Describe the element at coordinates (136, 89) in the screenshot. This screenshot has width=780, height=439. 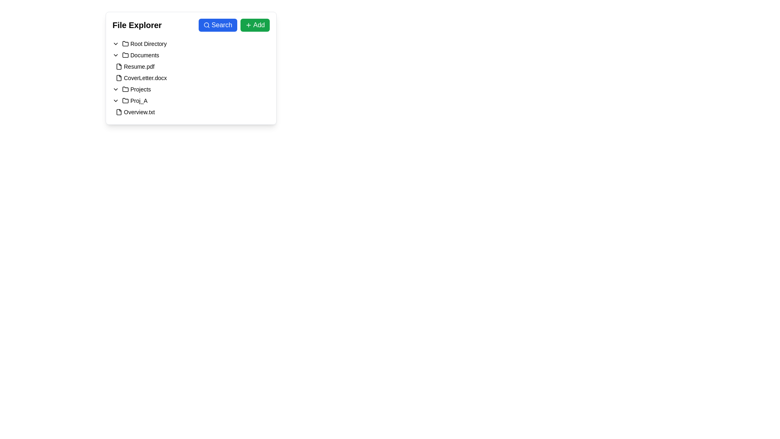
I see `the 'Projects' folder label with icon in the hierarchical file navigation pane` at that location.